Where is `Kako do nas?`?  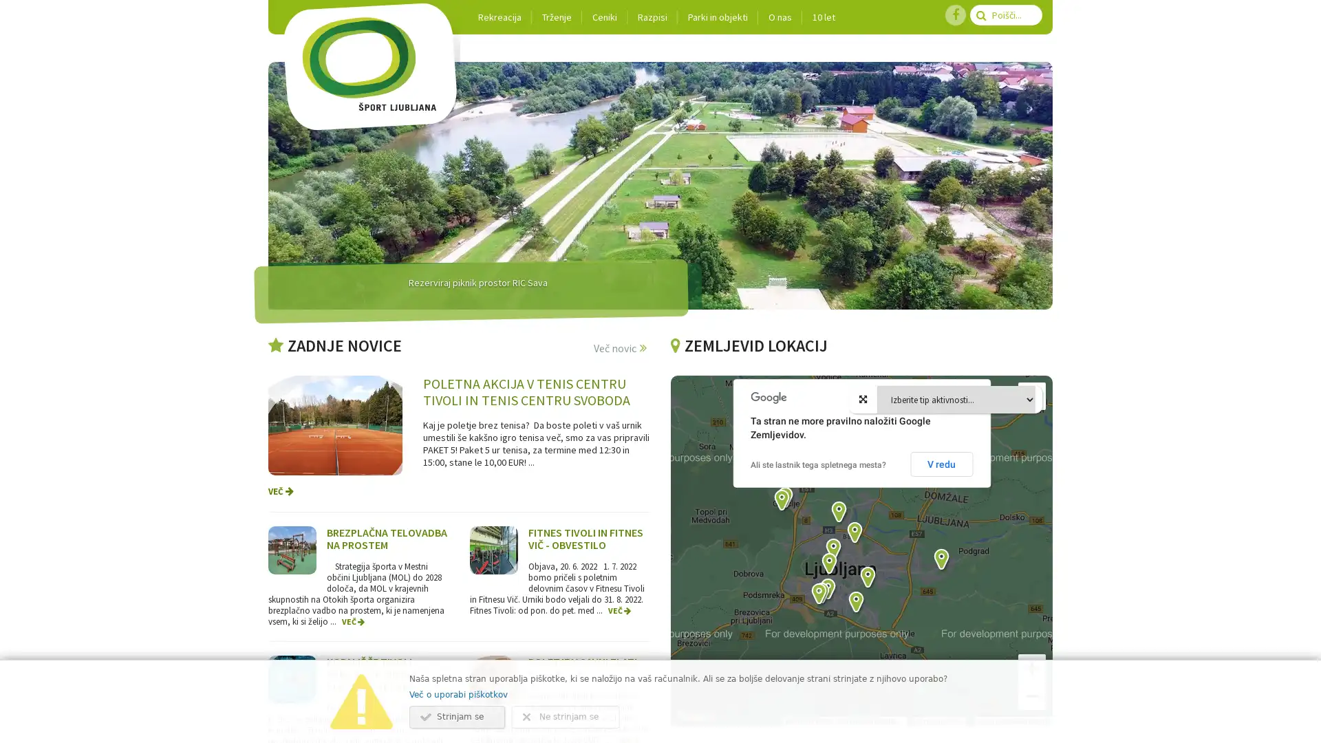 Kako do nas? is located at coordinates (827, 610).